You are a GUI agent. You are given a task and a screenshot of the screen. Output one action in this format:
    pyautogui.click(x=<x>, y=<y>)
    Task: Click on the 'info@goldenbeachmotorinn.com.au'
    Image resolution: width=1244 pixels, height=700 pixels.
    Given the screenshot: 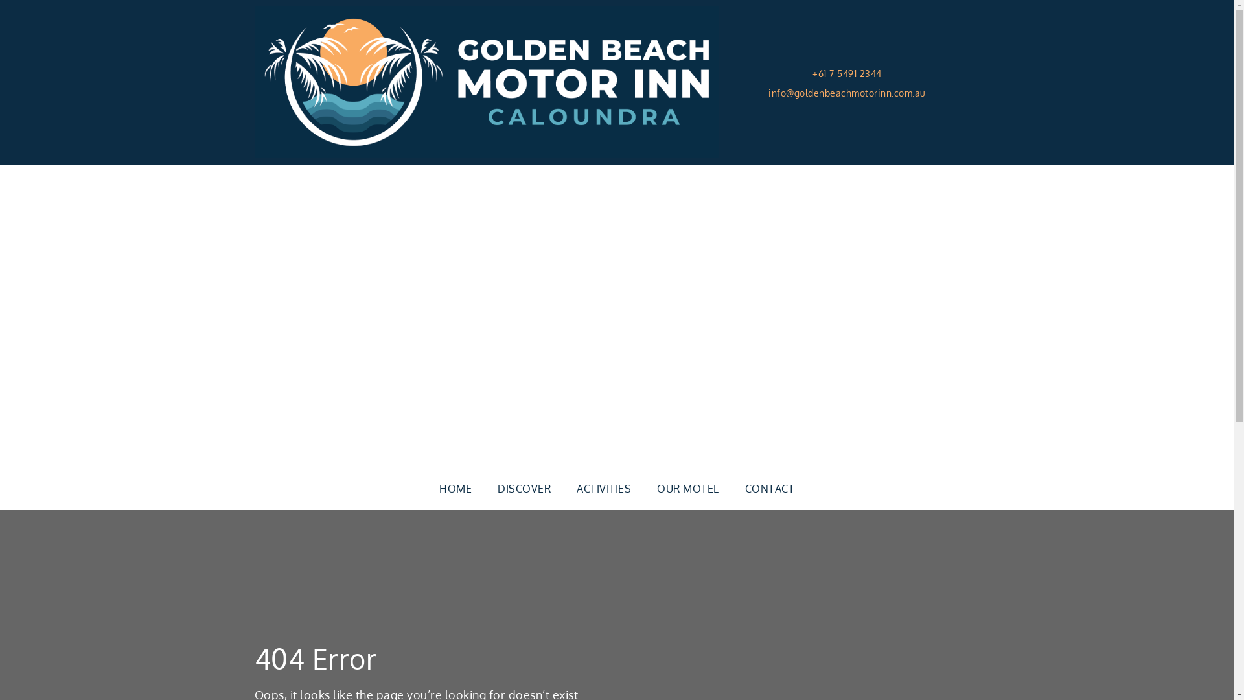 What is the action you would take?
    pyautogui.click(x=768, y=91)
    